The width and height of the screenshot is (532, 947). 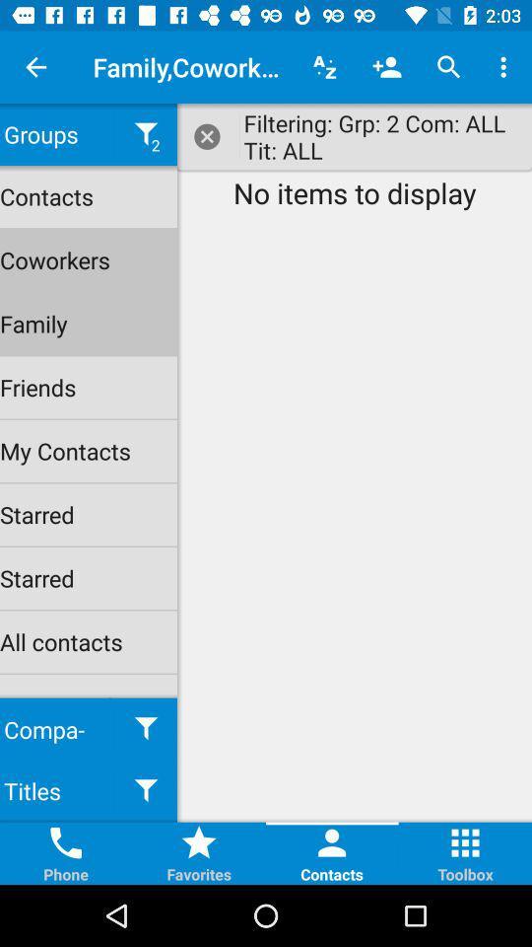 I want to click on the filter icon, so click(x=145, y=728).